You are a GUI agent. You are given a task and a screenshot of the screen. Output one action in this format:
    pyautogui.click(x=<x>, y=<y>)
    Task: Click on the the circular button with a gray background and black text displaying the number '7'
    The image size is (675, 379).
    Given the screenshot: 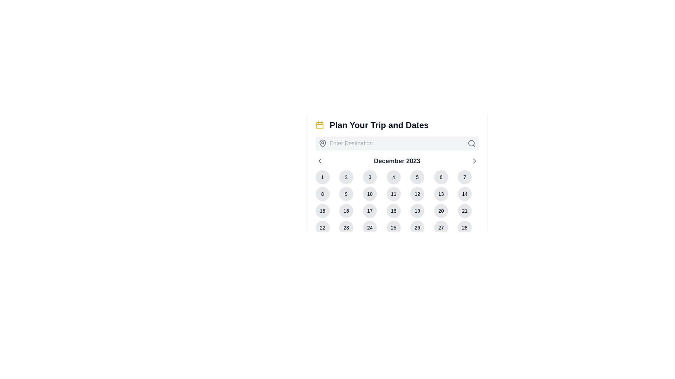 What is the action you would take?
    pyautogui.click(x=464, y=177)
    